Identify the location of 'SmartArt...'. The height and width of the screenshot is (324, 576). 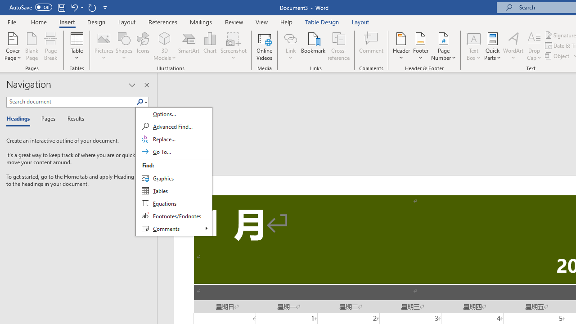
(188, 46).